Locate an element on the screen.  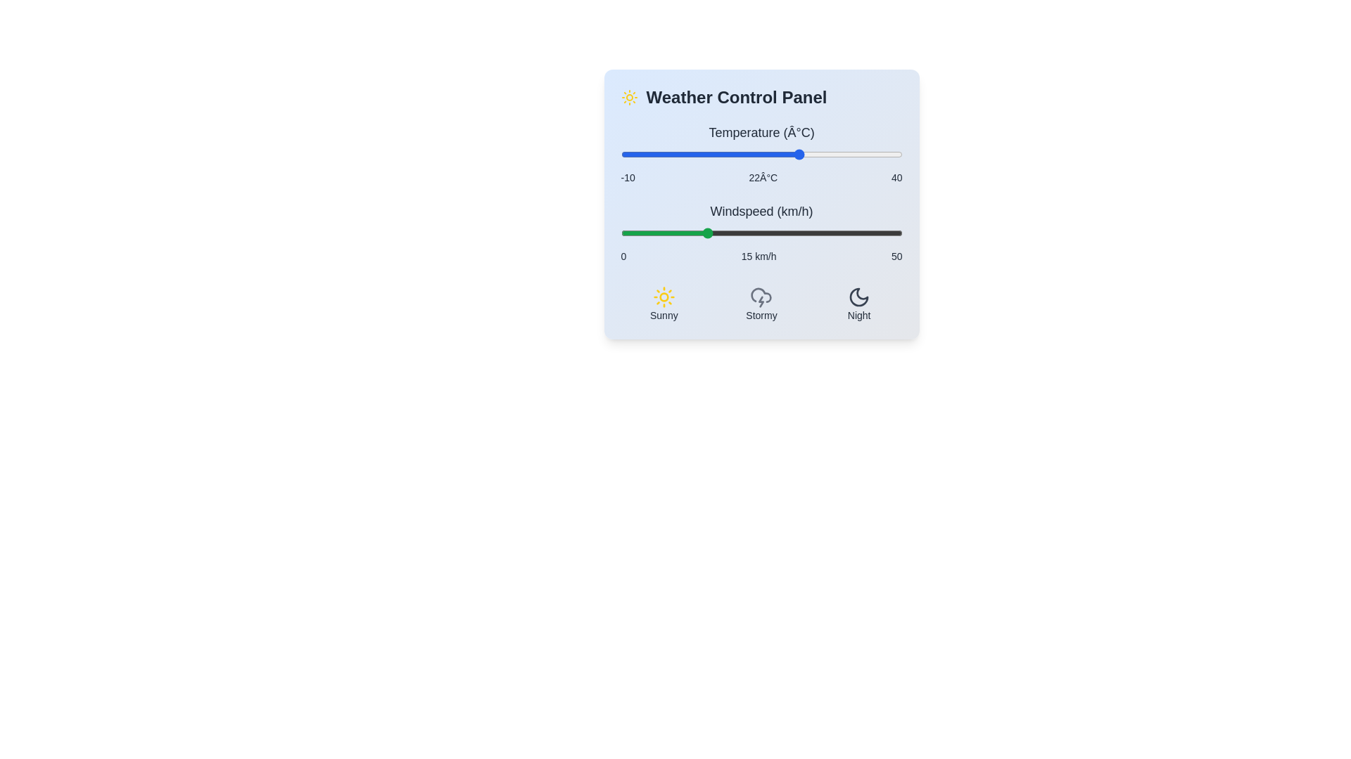
the 'Night' weather condition icon located in the bottom-right corner of the grid under the 'Weather Control Panel' is located at coordinates (858, 303).